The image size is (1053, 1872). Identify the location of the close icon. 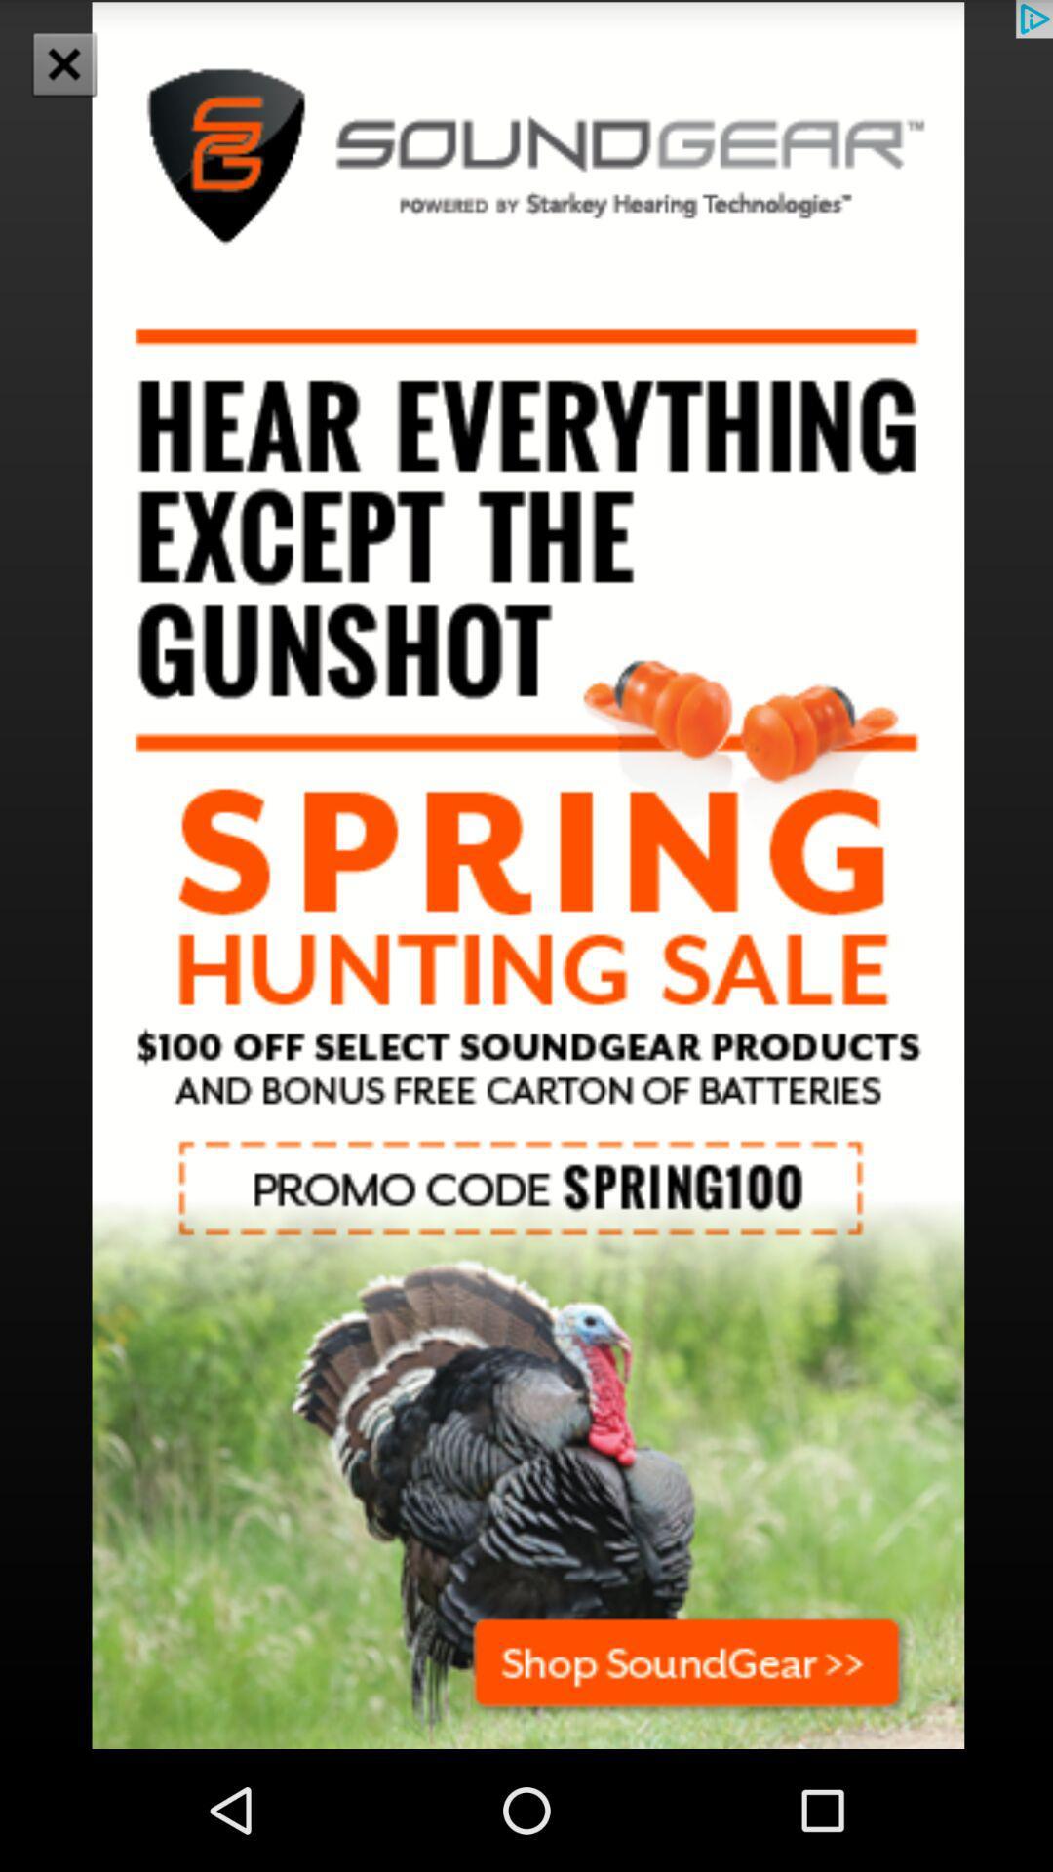
(89, 95).